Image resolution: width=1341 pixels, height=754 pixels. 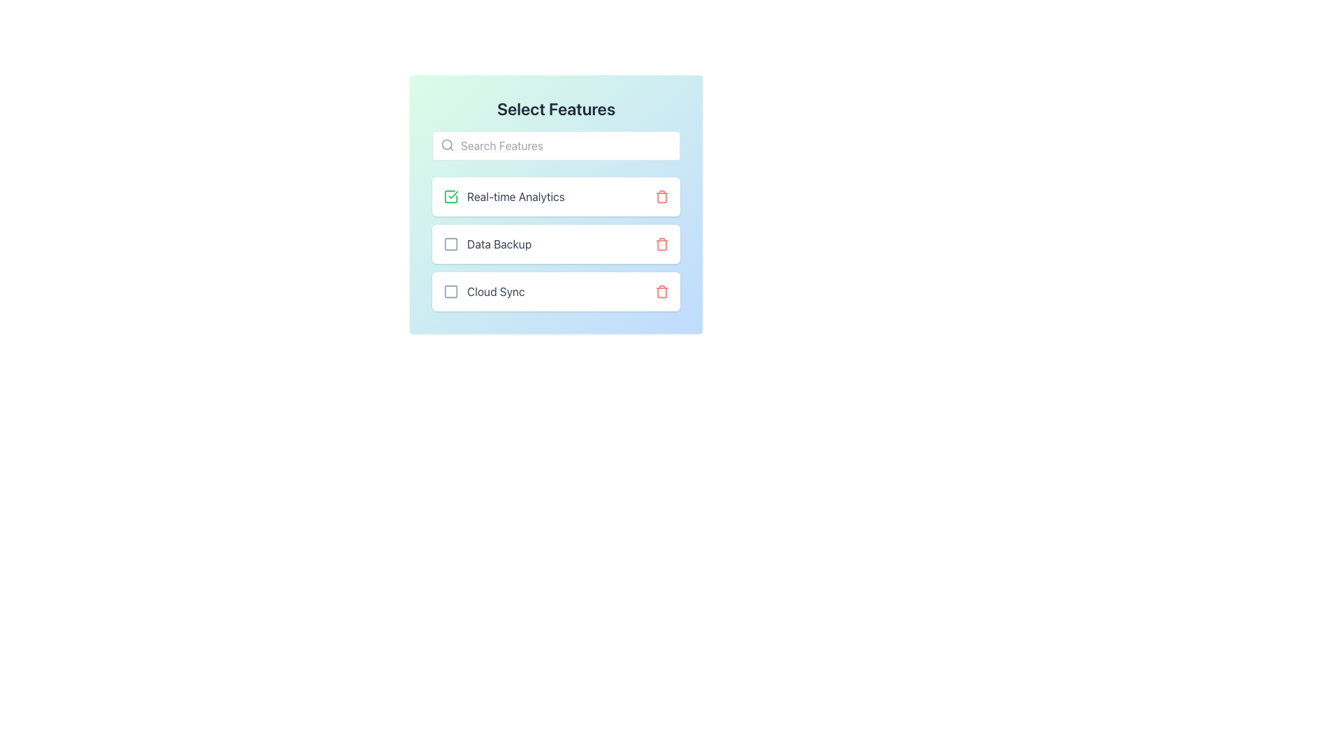 I want to click on the 'Data Backup' checkbox located below 'Real-time Analytics' in the 'Select Features' group, so click(x=488, y=244).